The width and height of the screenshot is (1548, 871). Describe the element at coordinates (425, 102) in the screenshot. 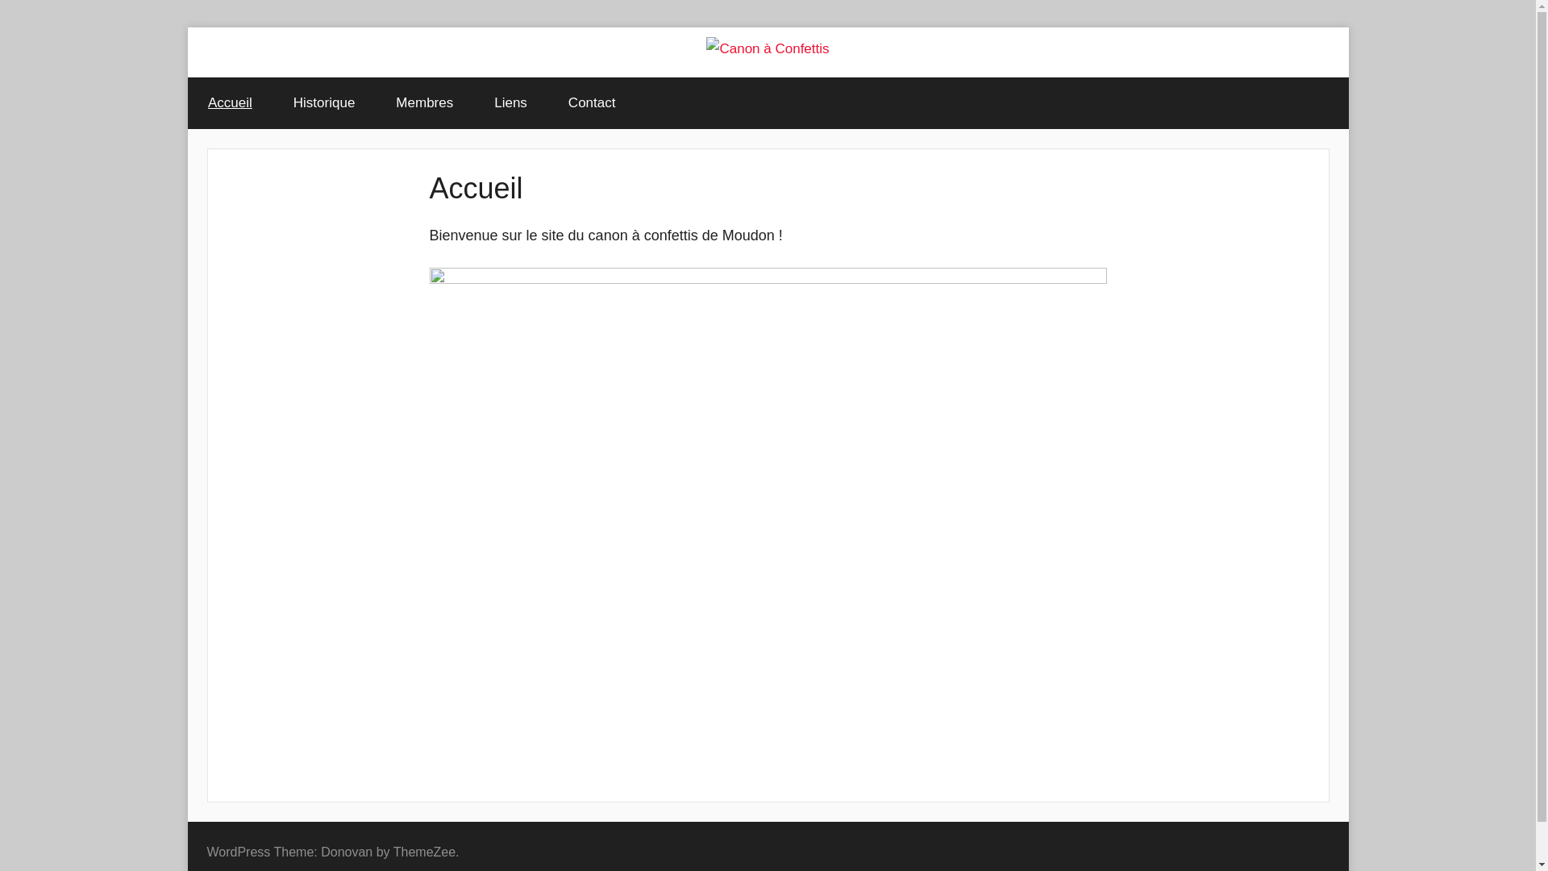

I see `'Membres'` at that location.